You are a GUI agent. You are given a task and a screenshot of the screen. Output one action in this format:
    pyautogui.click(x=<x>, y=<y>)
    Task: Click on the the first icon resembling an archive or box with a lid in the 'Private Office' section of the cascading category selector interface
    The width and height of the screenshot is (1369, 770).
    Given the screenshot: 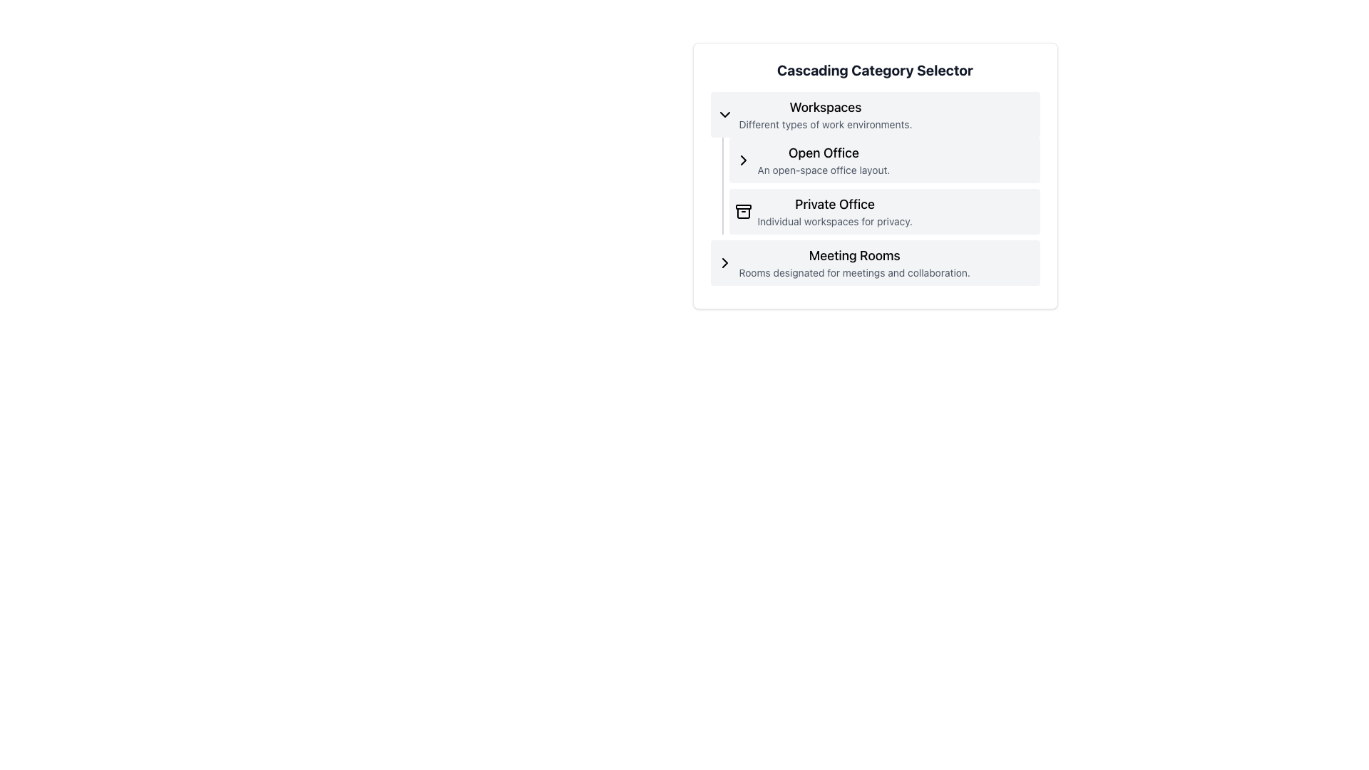 What is the action you would take?
    pyautogui.click(x=742, y=212)
    